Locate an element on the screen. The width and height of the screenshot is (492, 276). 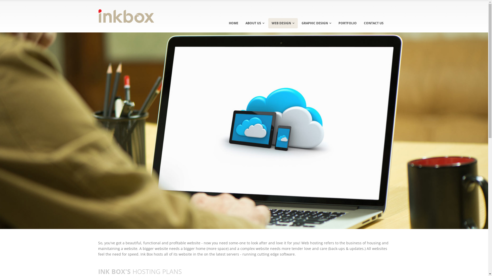
'WEB DESIGN' is located at coordinates (282, 23).